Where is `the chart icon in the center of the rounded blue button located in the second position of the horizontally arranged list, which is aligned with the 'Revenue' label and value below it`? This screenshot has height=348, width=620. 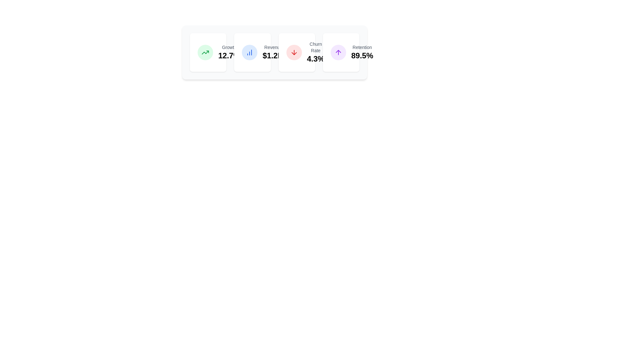
the chart icon in the center of the rounded blue button located in the second position of the horizontally arranged list, which is aligned with the 'Revenue' label and value below it is located at coordinates (249, 52).